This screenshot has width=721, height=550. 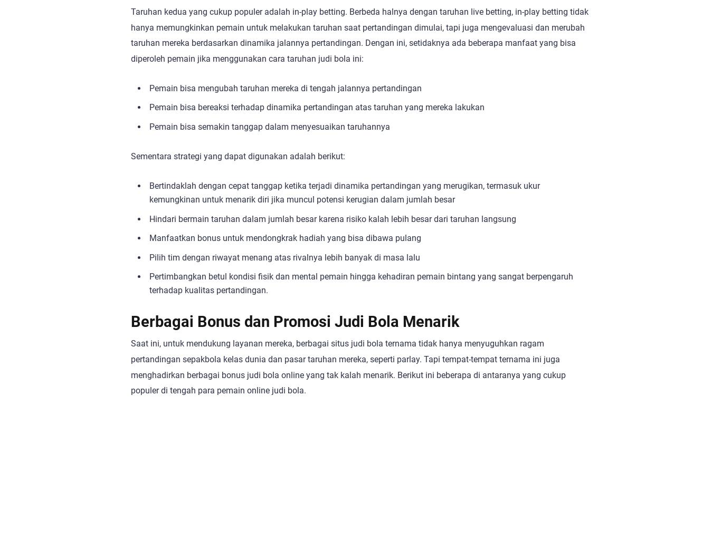 What do you see at coordinates (238, 156) in the screenshot?
I see `'Sementara strategi yang dapat digunakan adalah berikut:'` at bounding box center [238, 156].